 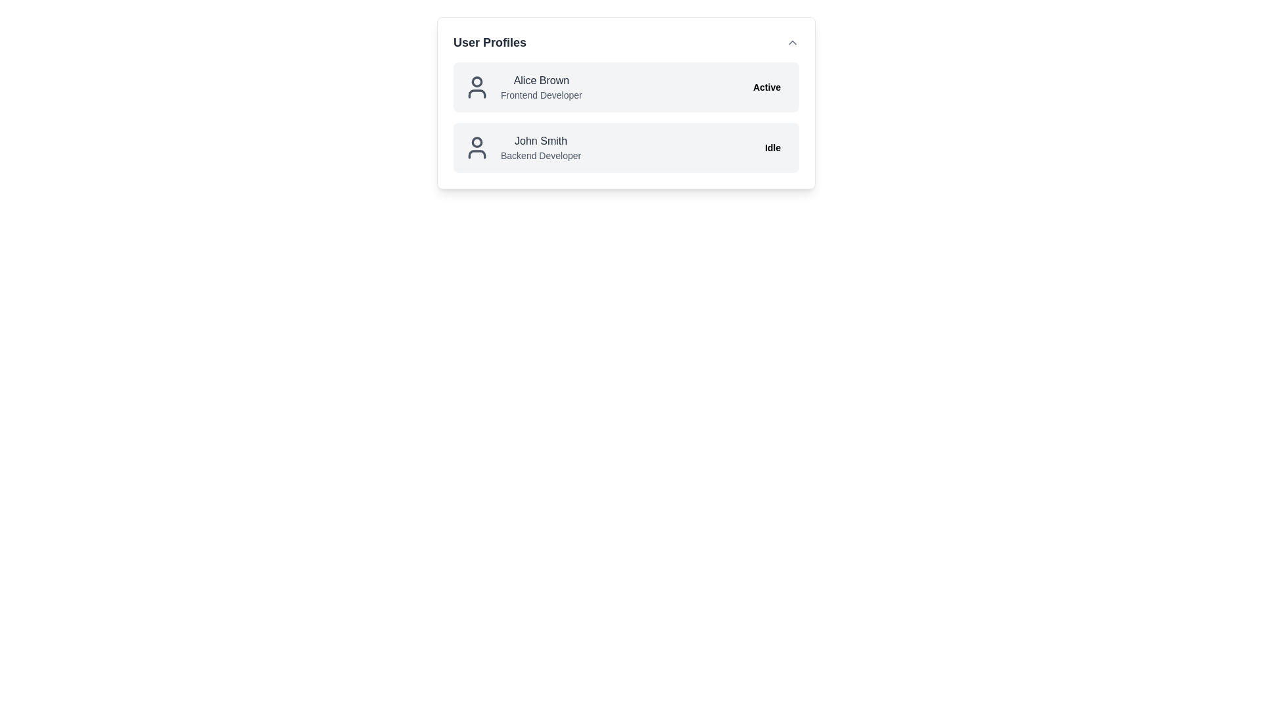 What do you see at coordinates (476, 147) in the screenshot?
I see `the user profile icon resembling a silhouette located at the top-left corner of the 'John Smith' entry in the user profile section` at bounding box center [476, 147].